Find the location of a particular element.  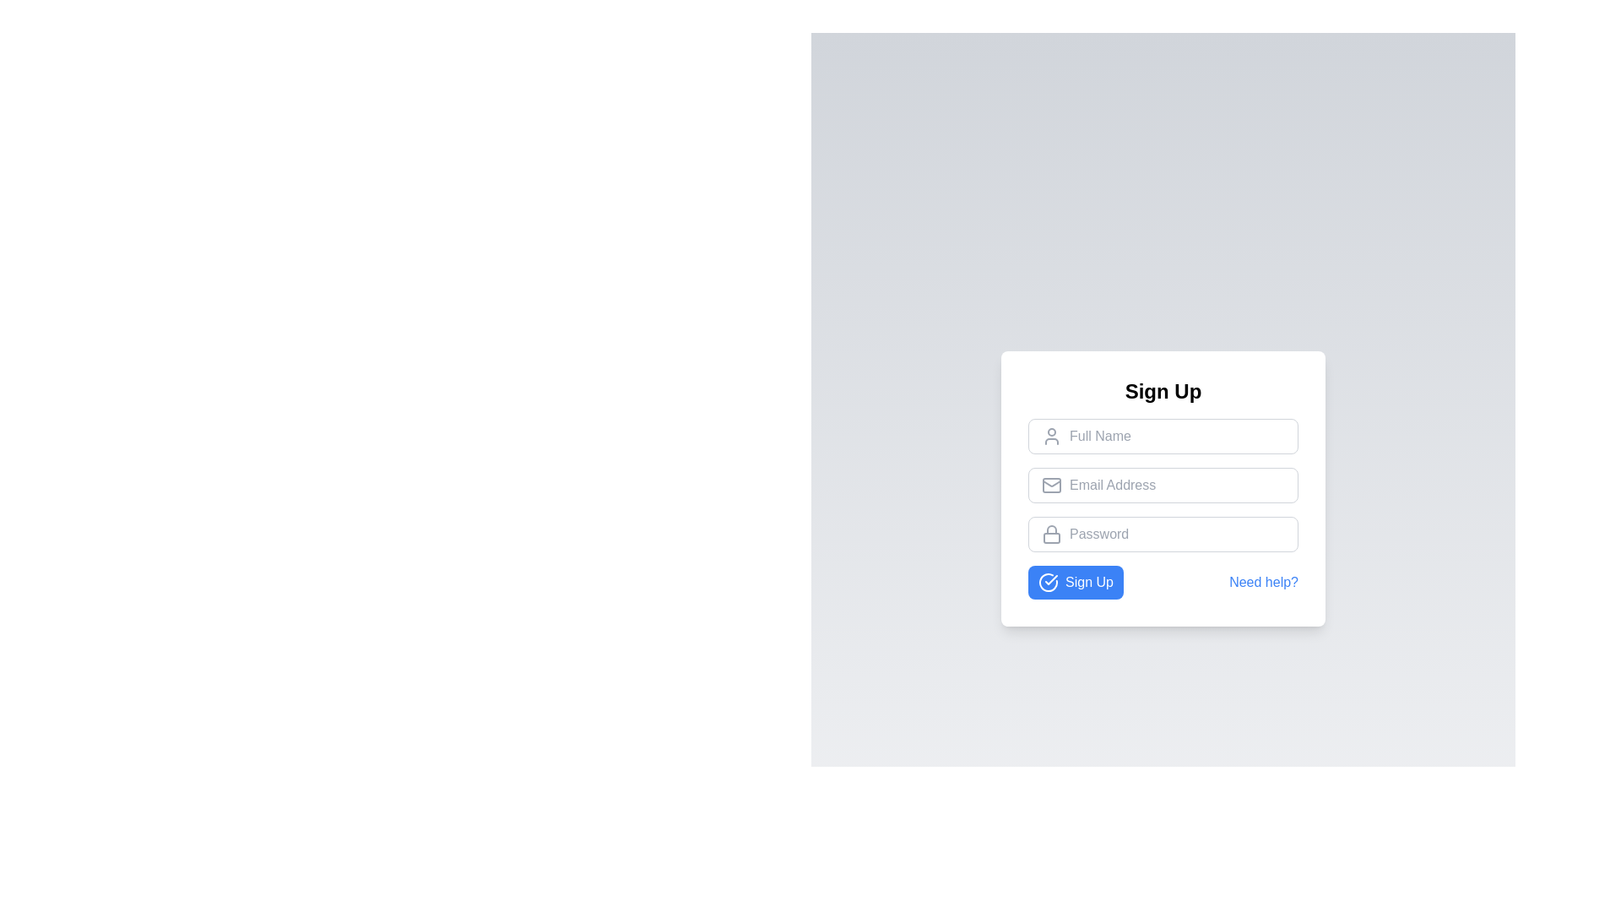

the envelope-shaped icon, which is a subtle light gray outline positioned to the left of the 'Email Address' input field is located at coordinates (1051, 485).